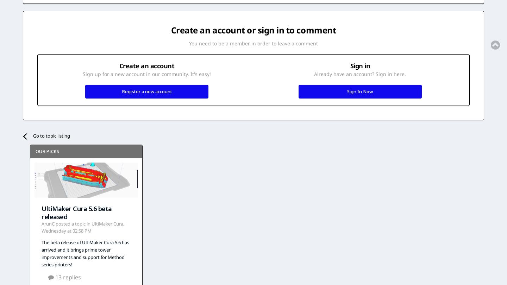  Describe the element at coordinates (170, 30) in the screenshot. I see `'Create an account or sign in to comment'` at that location.